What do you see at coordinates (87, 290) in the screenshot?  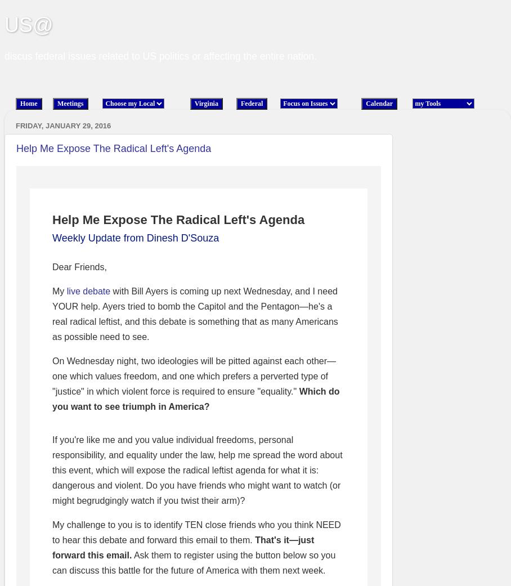 I see `'live debate'` at bounding box center [87, 290].